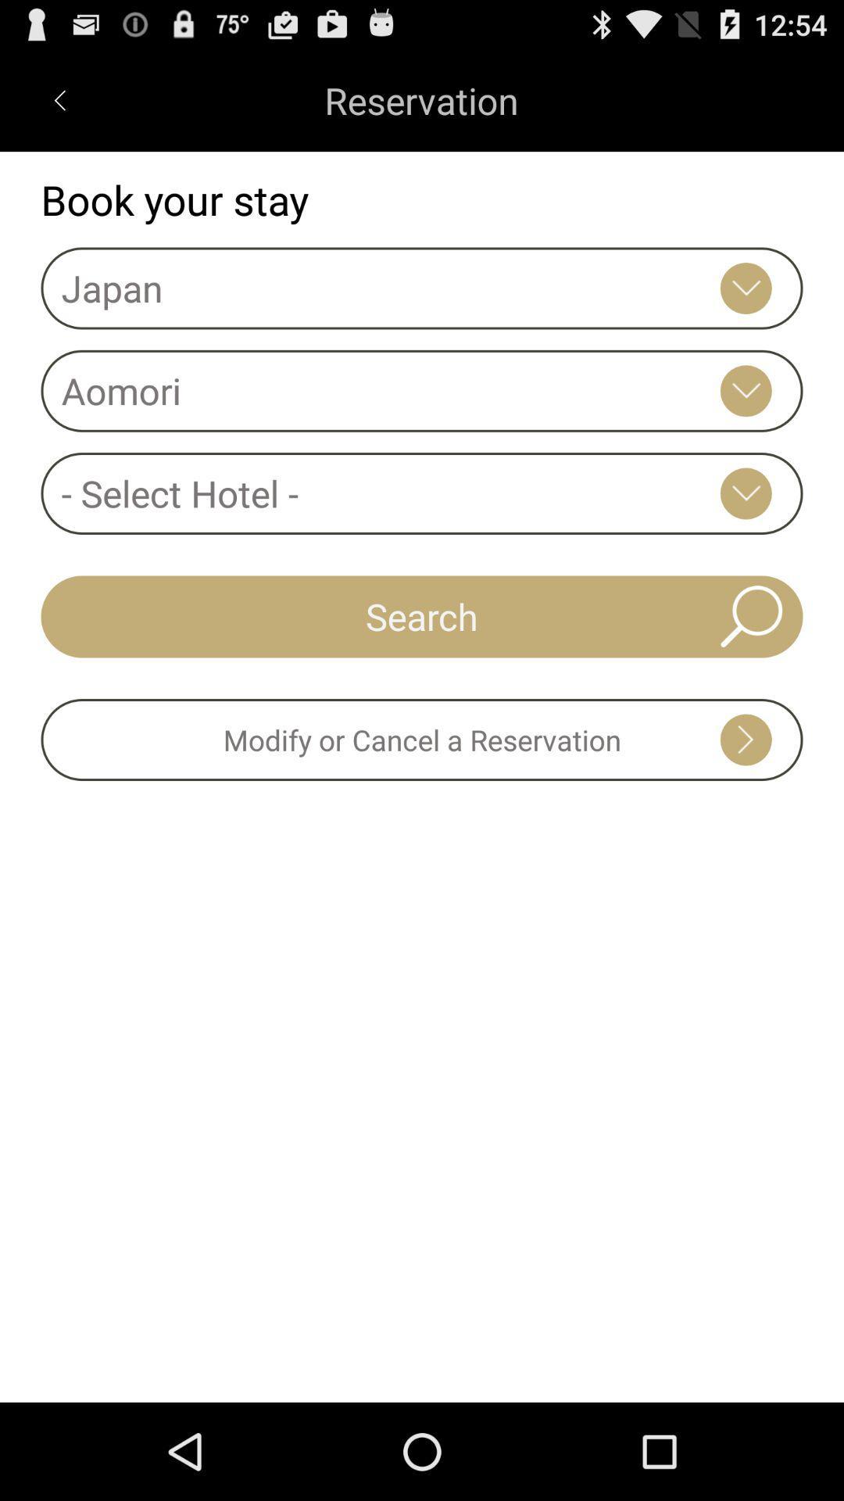 The image size is (844, 1501). What do you see at coordinates (59, 99) in the screenshot?
I see `the item above the book your stay item` at bounding box center [59, 99].